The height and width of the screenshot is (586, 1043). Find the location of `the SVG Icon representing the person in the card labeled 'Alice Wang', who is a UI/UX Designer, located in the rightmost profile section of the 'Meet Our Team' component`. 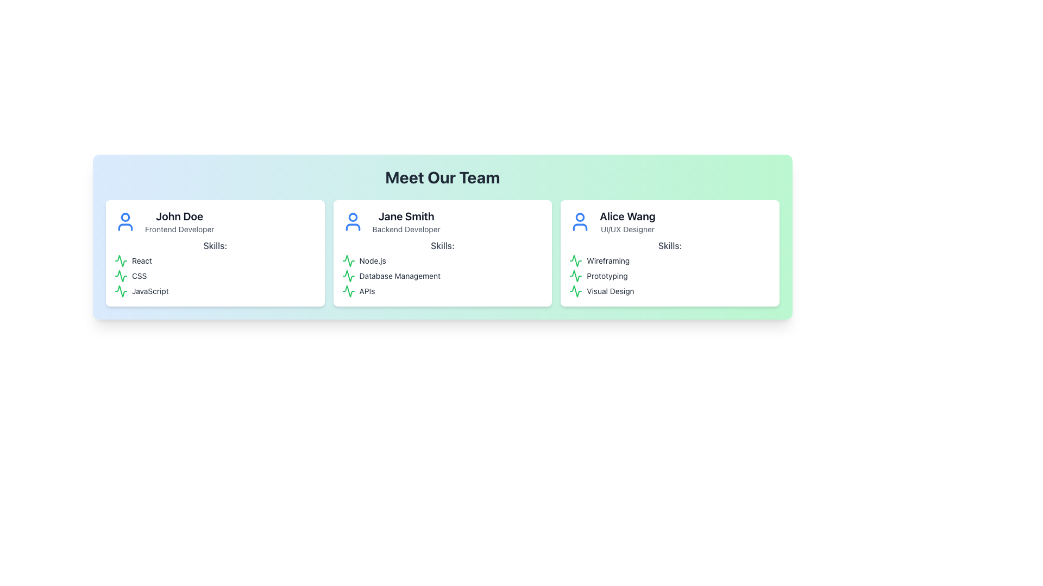

the SVG Icon representing the person in the card labeled 'Alice Wang', who is a UI/UX Designer, located in the rightmost profile section of the 'Meet Our Team' component is located at coordinates (580, 221).